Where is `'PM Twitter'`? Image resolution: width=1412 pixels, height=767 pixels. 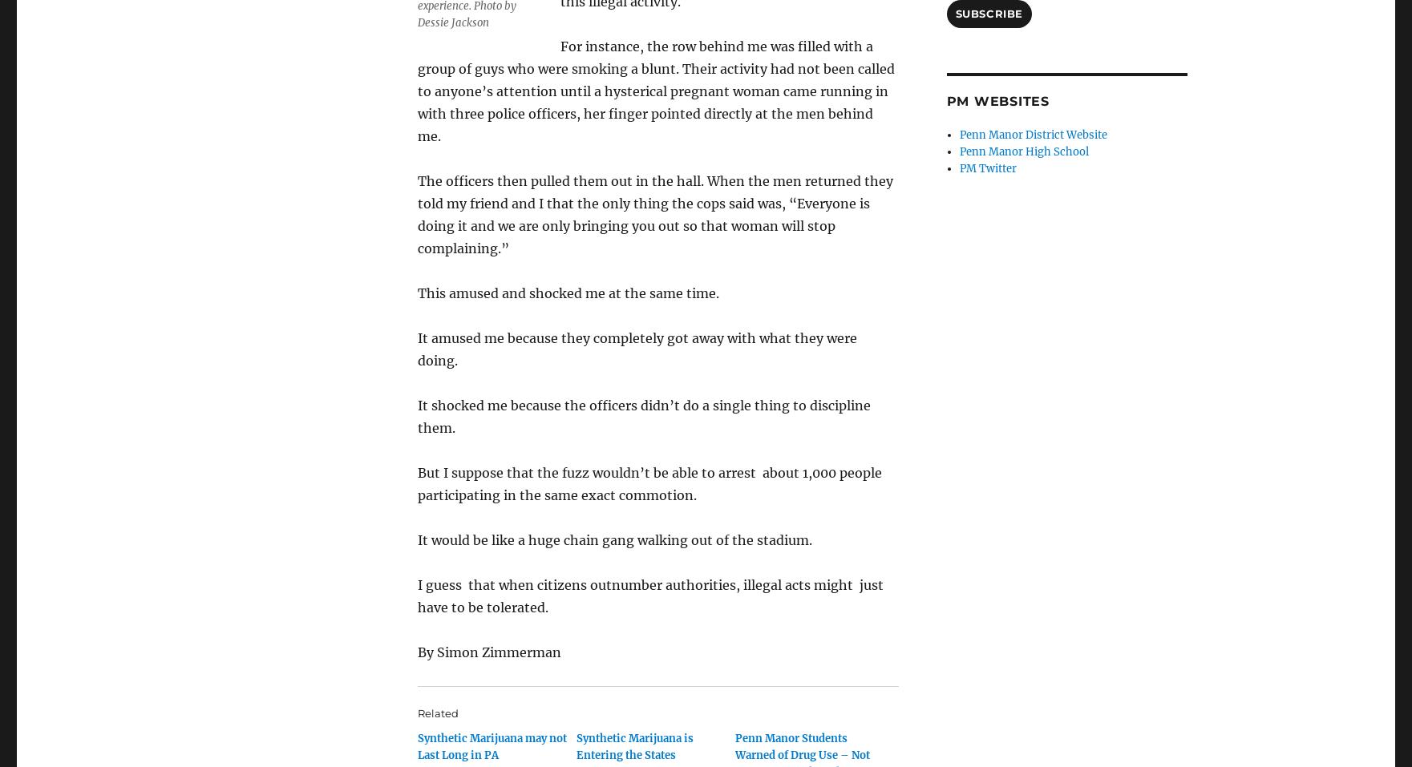 'PM Twitter' is located at coordinates (987, 168).